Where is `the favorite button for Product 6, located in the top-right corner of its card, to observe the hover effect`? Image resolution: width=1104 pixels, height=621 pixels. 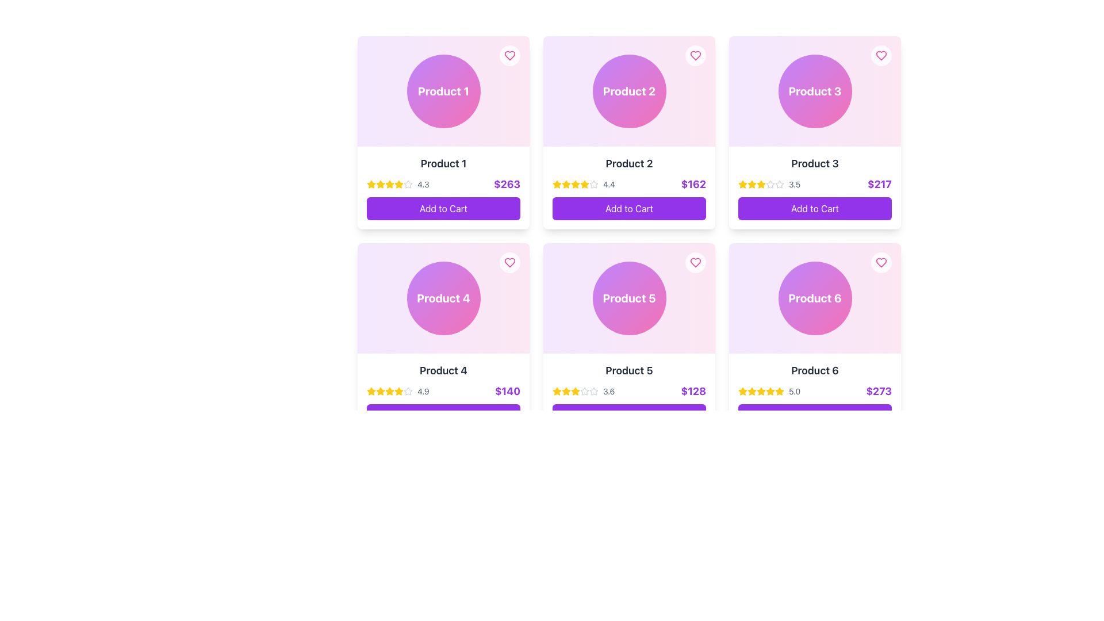 the favorite button for Product 6, located in the top-right corner of its card, to observe the hover effect is located at coordinates (880, 262).